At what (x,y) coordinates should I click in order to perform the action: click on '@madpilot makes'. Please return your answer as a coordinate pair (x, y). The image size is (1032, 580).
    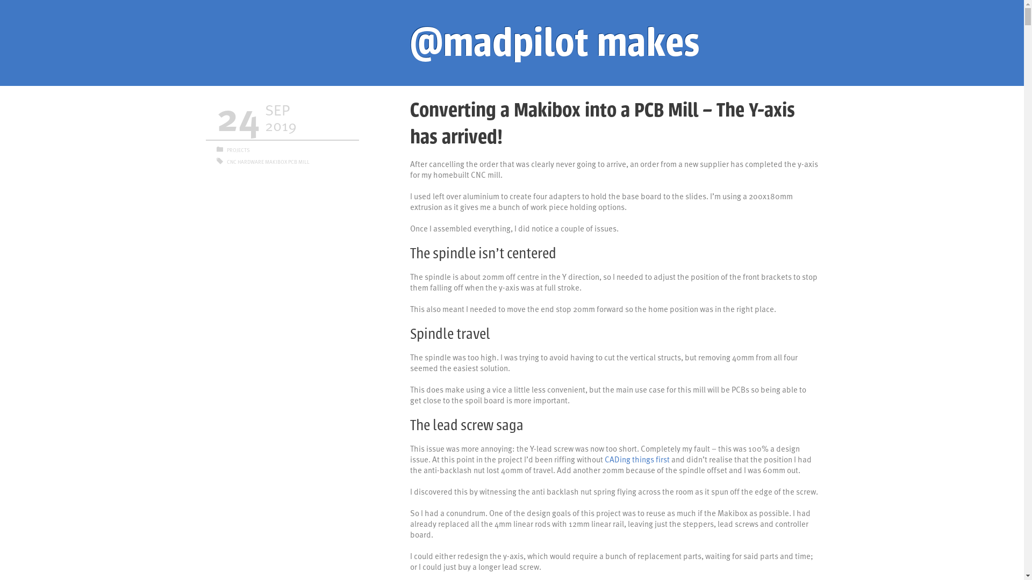
    Looking at the image, I should click on (409, 42).